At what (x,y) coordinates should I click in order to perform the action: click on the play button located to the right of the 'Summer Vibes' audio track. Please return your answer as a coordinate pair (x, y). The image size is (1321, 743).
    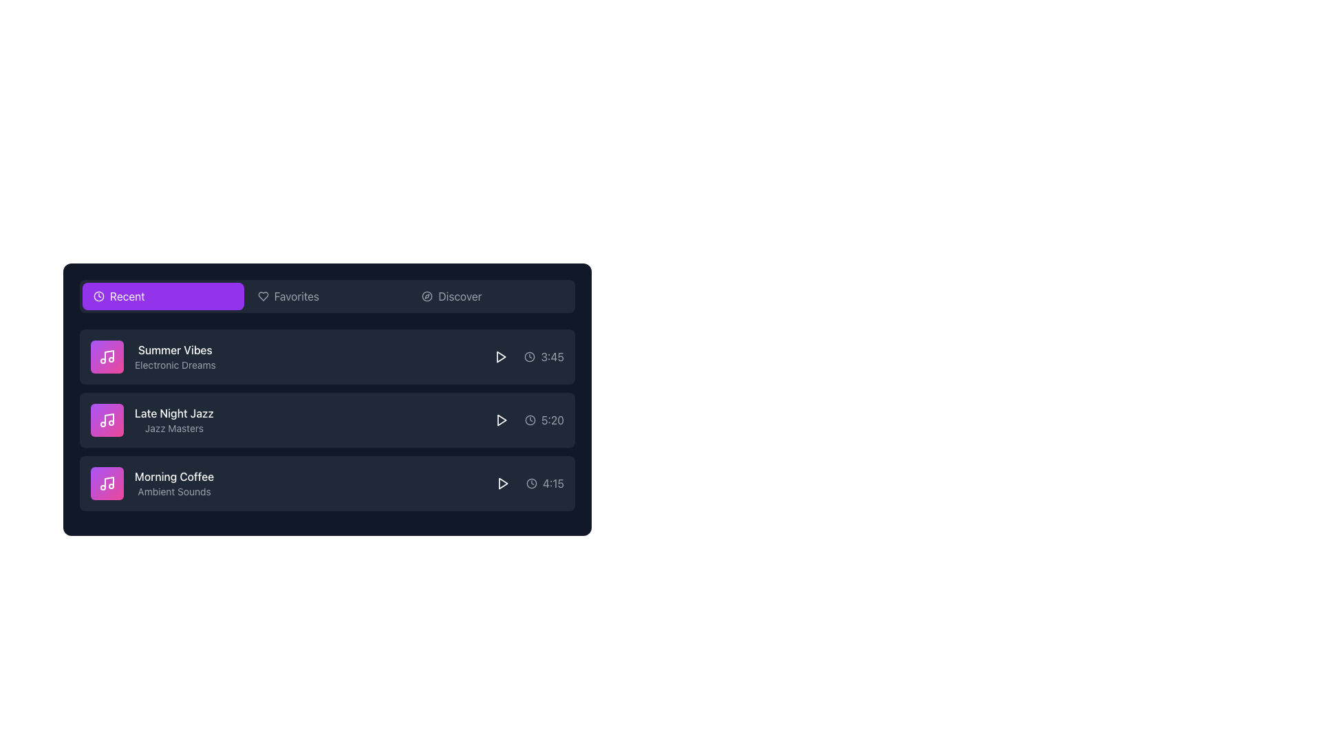
    Looking at the image, I should click on (500, 356).